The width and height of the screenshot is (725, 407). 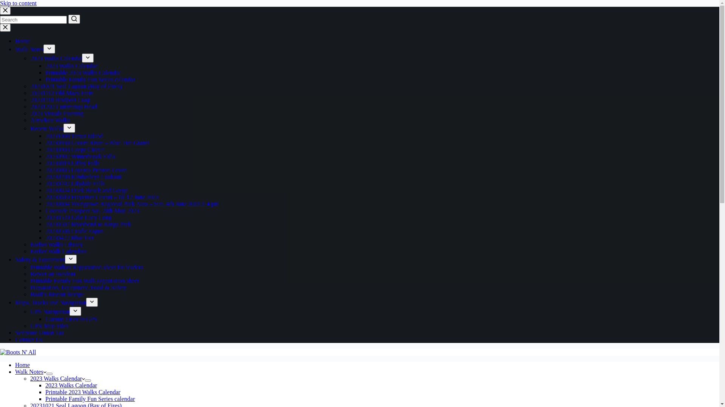 I want to click on 'Report an Incident', so click(x=52, y=274).